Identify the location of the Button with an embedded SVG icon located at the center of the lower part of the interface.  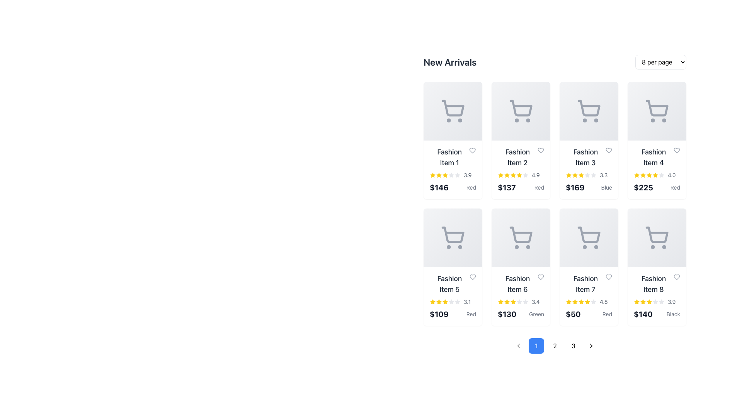
(519, 345).